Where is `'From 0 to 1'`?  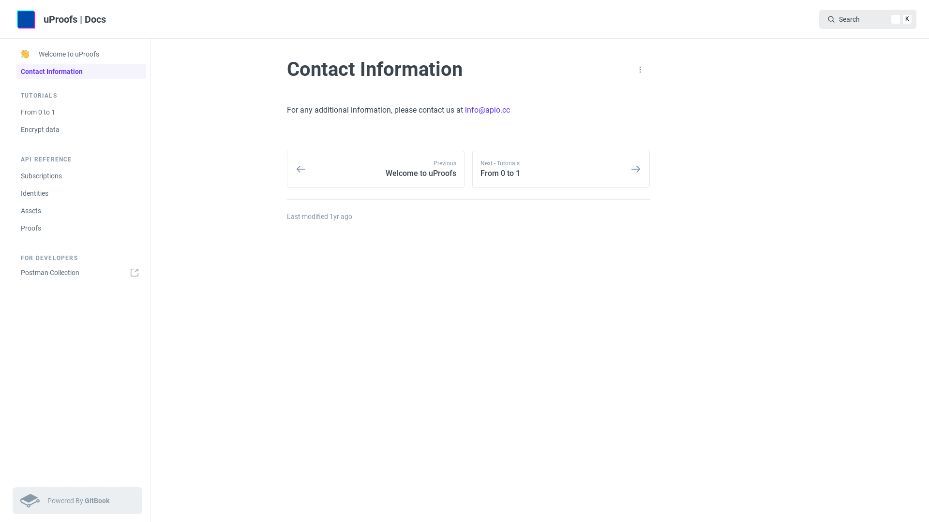 'From 0 to 1' is located at coordinates (81, 111).